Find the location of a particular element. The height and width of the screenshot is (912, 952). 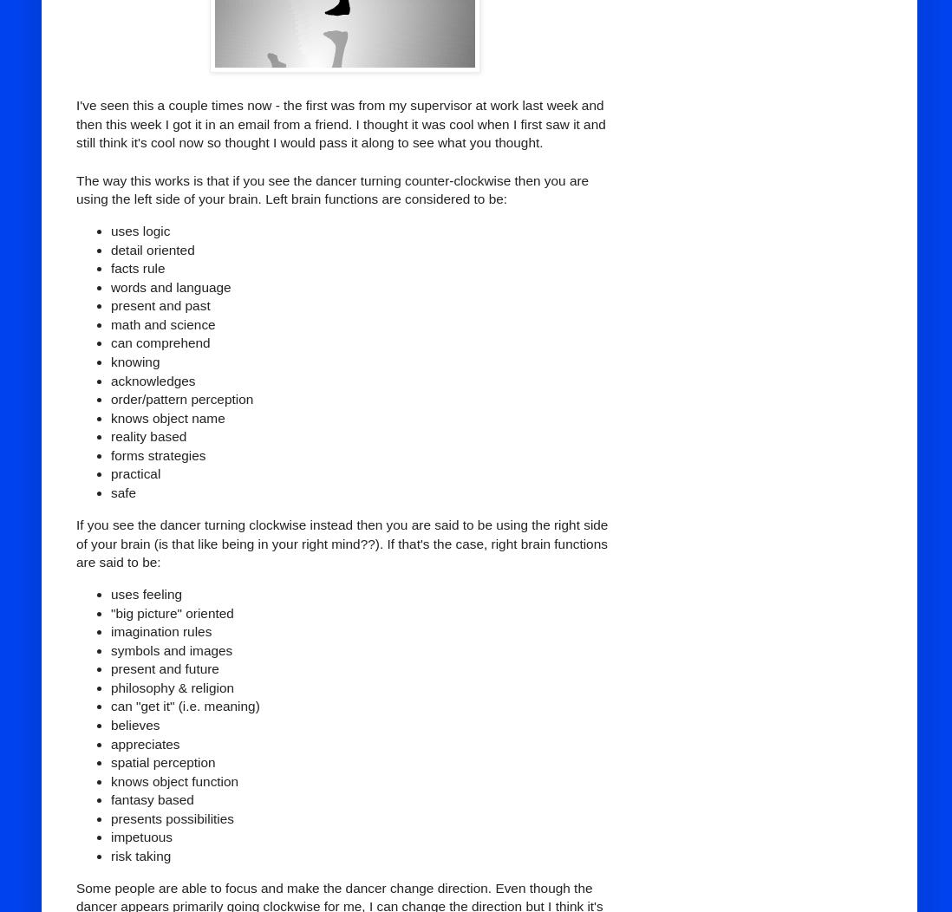

'appreciates' is located at coordinates (111, 742).